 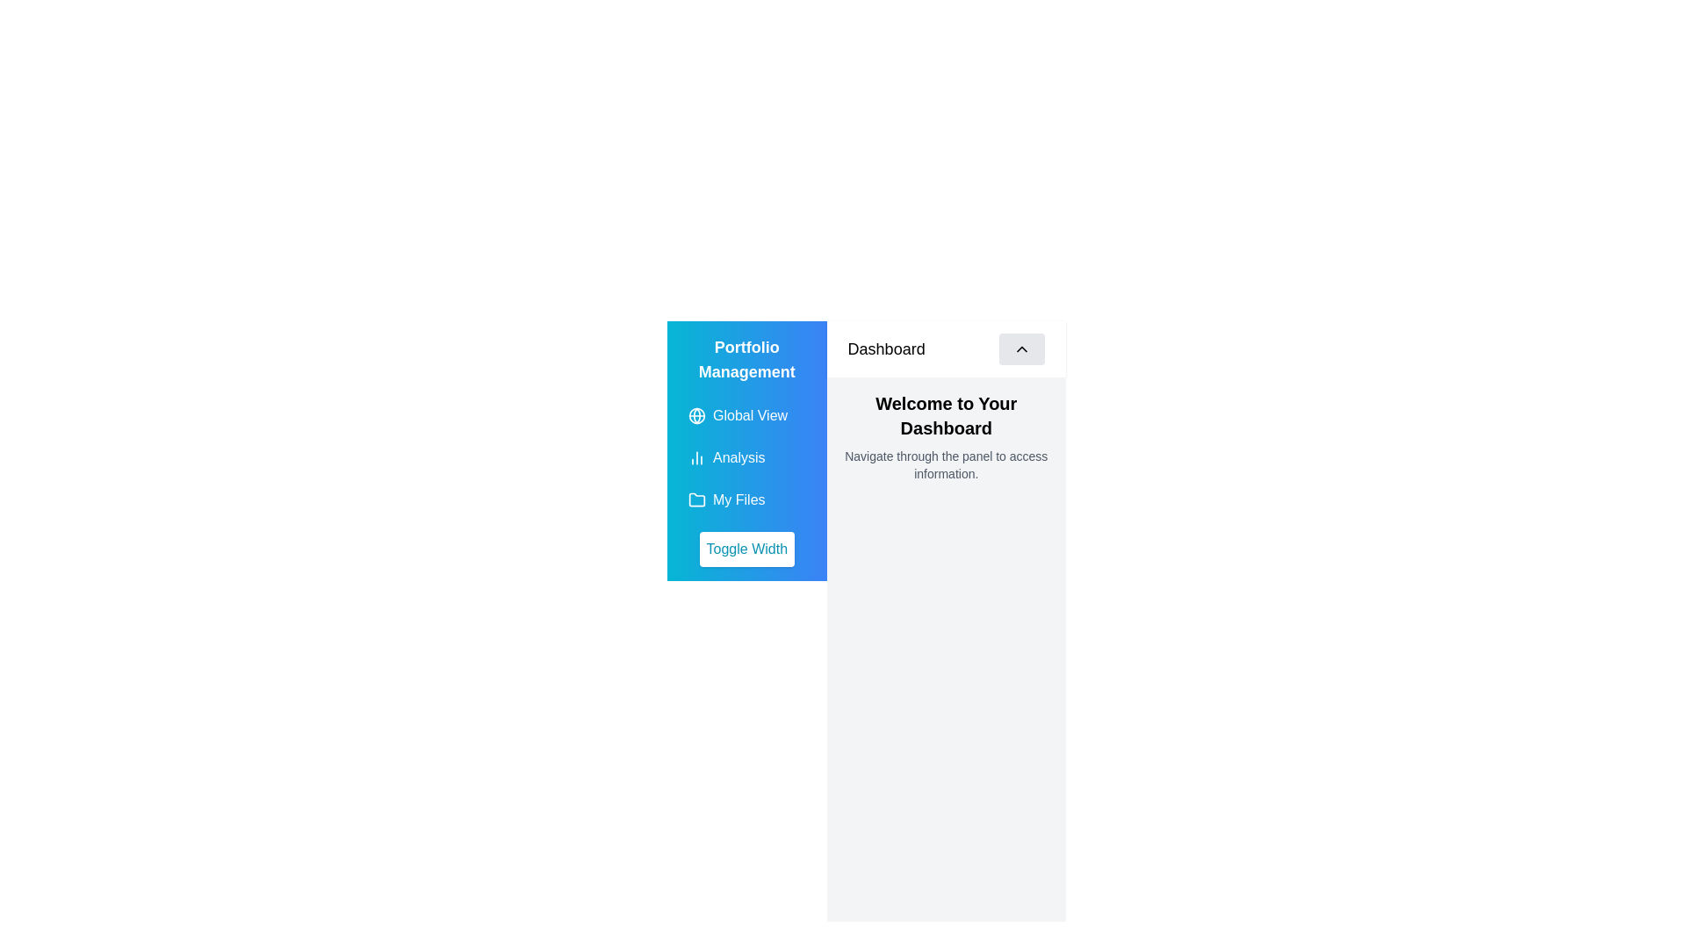 I want to click on the 'Analysis' button, which is a rectangular button with rounded corners displaying a bar chart icon and light cyan background, located in the left-side menu under 'Portfolio Management', so click(x=746, y=456).